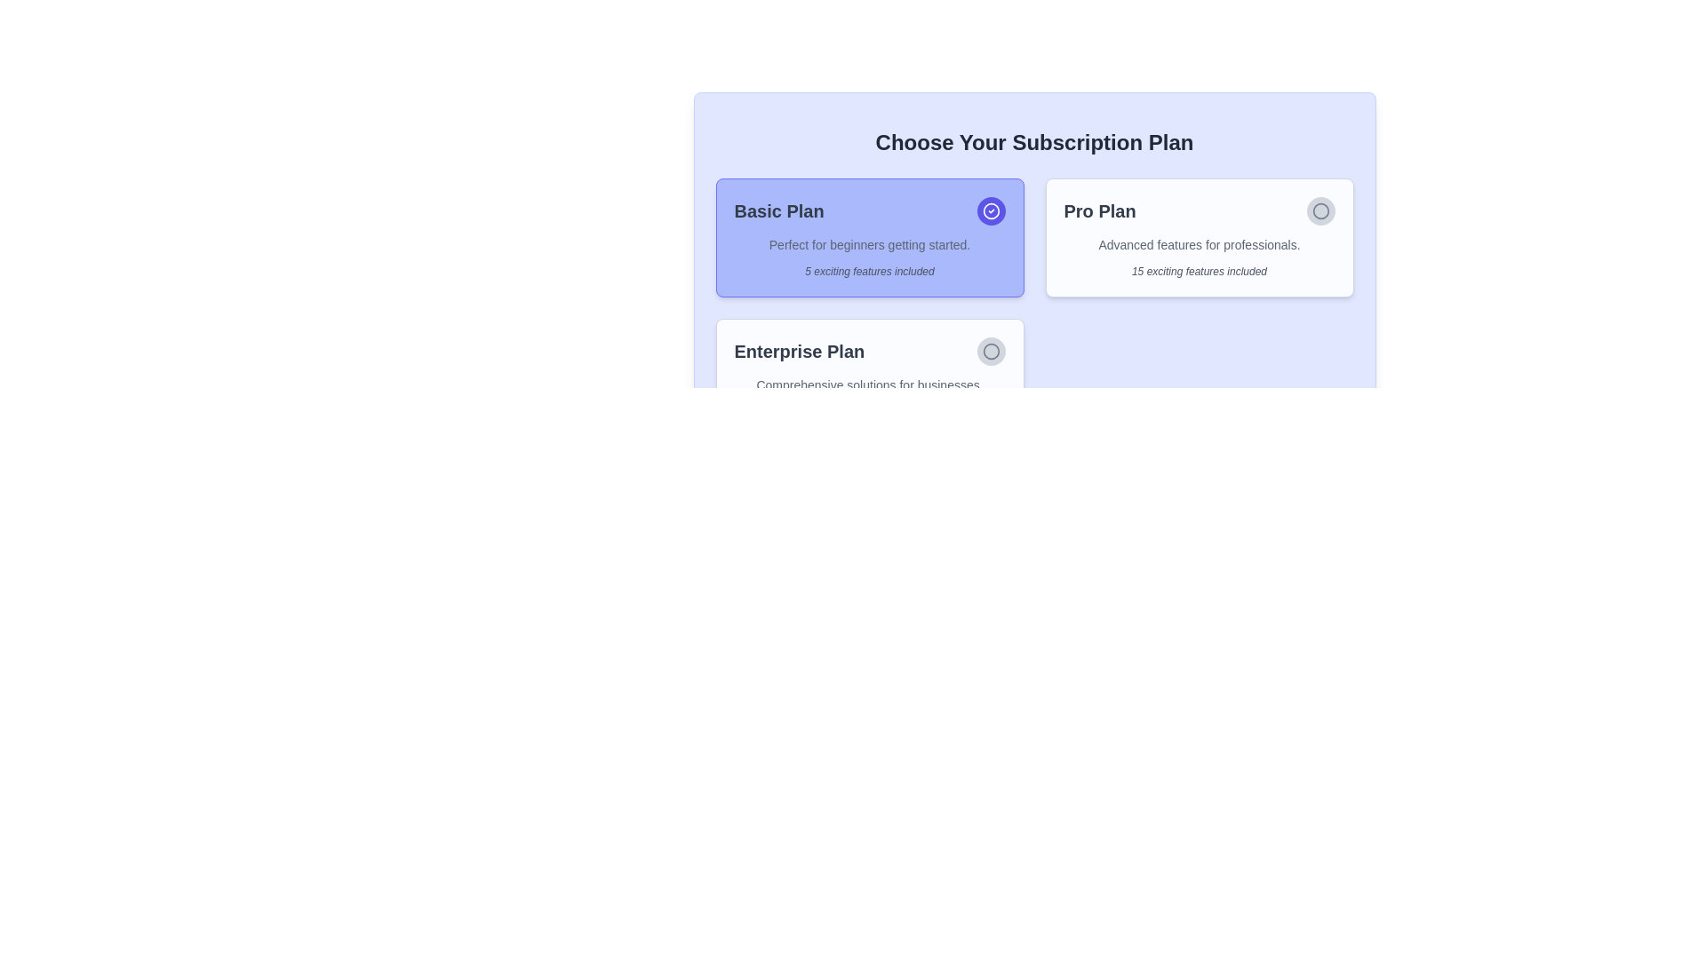 The width and height of the screenshot is (1706, 959). Describe the element at coordinates (990, 210) in the screenshot. I see `the circular icon with a white checkmark on a dark blue background located in the top-right corner of the 'Basic Plan' subscription box` at that location.